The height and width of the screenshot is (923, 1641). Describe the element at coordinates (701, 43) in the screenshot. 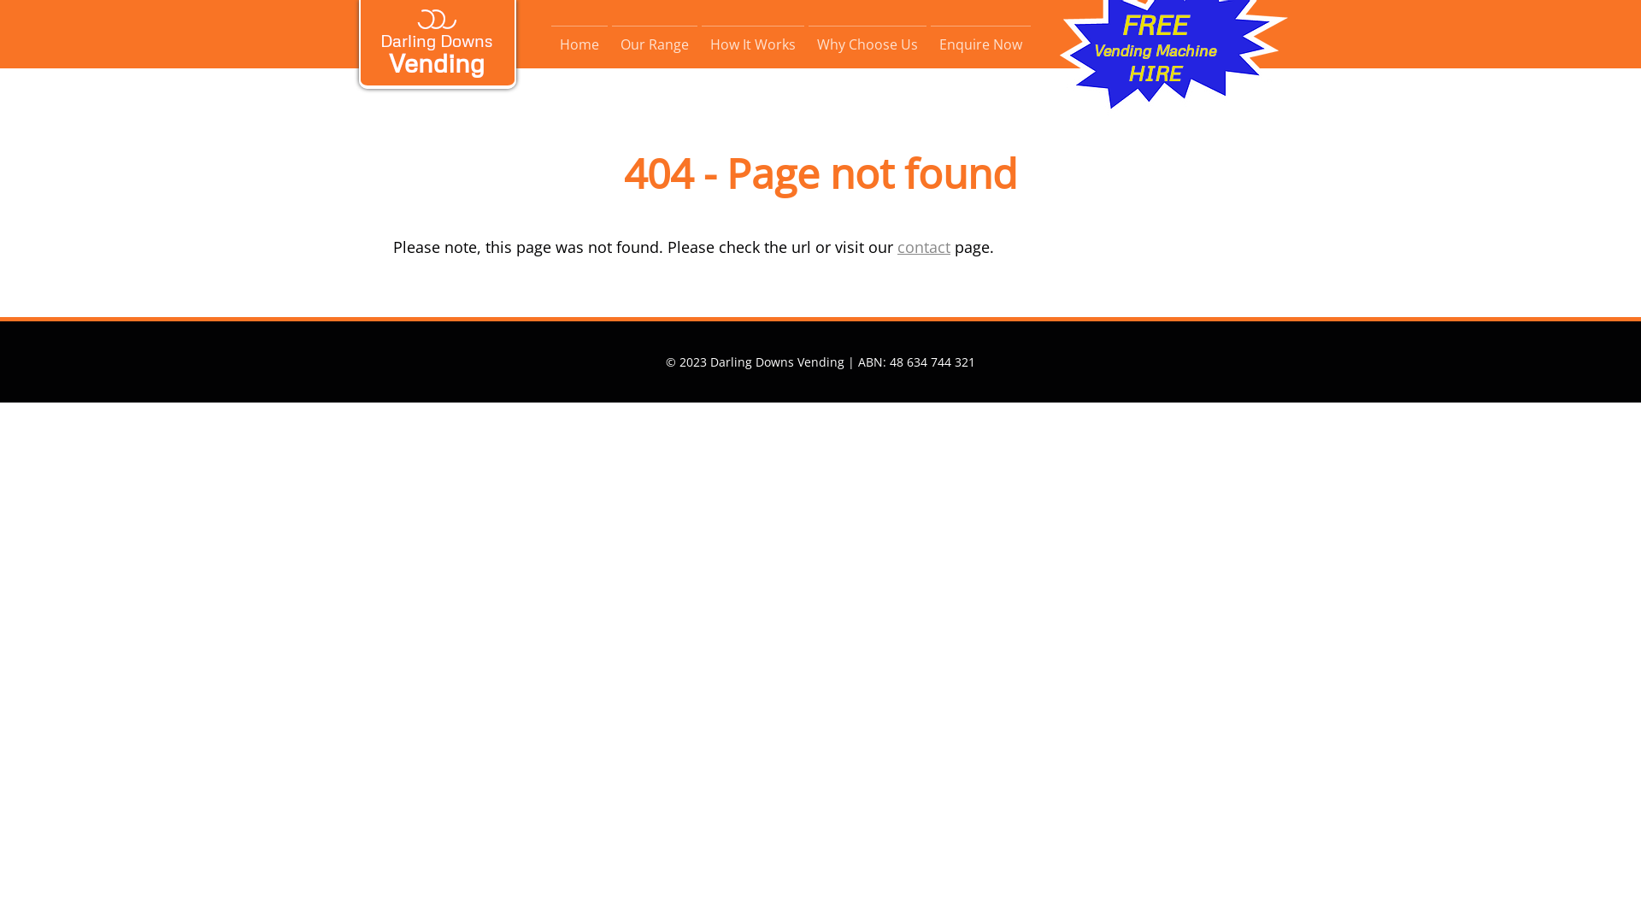

I see `'How It Works'` at that location.